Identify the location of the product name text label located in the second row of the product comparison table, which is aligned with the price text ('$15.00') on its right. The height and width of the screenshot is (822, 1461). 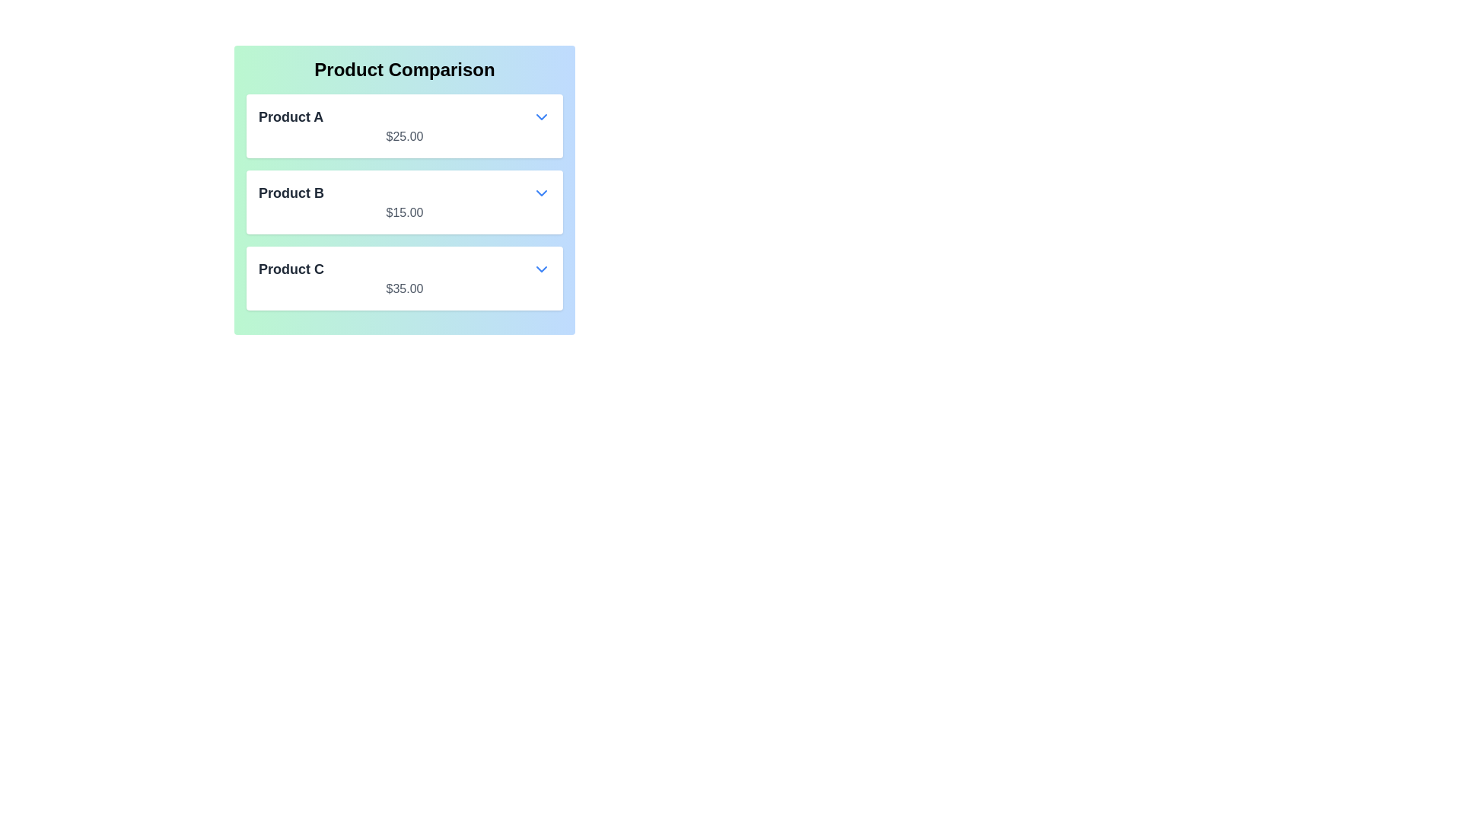
(291, 193).